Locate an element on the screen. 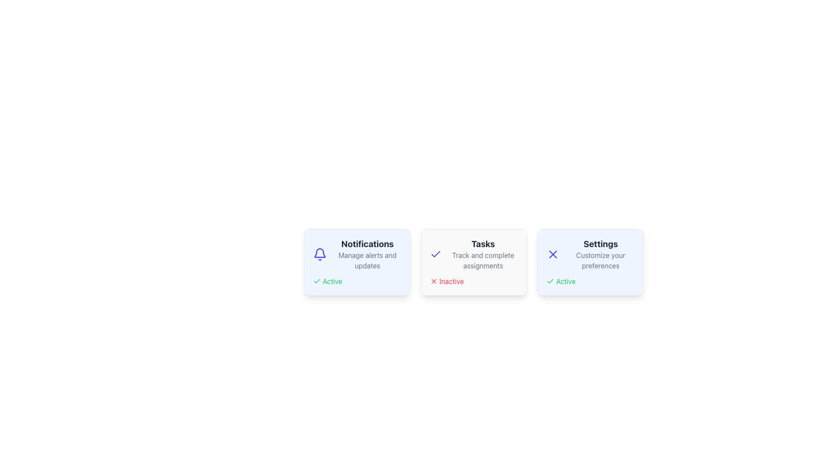 The width and height of the screenshot is (834, 469). title text label 'Tasks' located at the top of the center card in a three-card layout is located at coordinates (483, 244).